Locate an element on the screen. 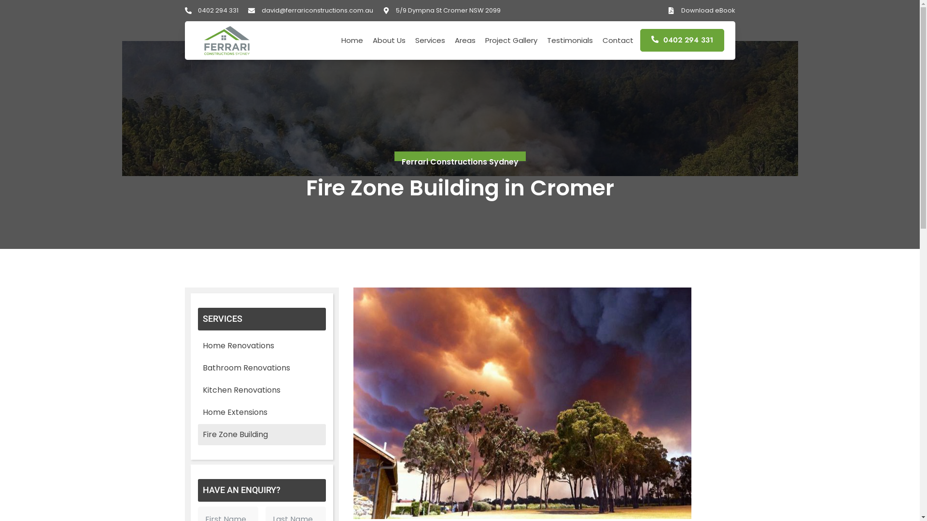 Image resolution: width=927 pixels, height=521 pixels. 'Download eBook' is located at coordinates (702, 11).